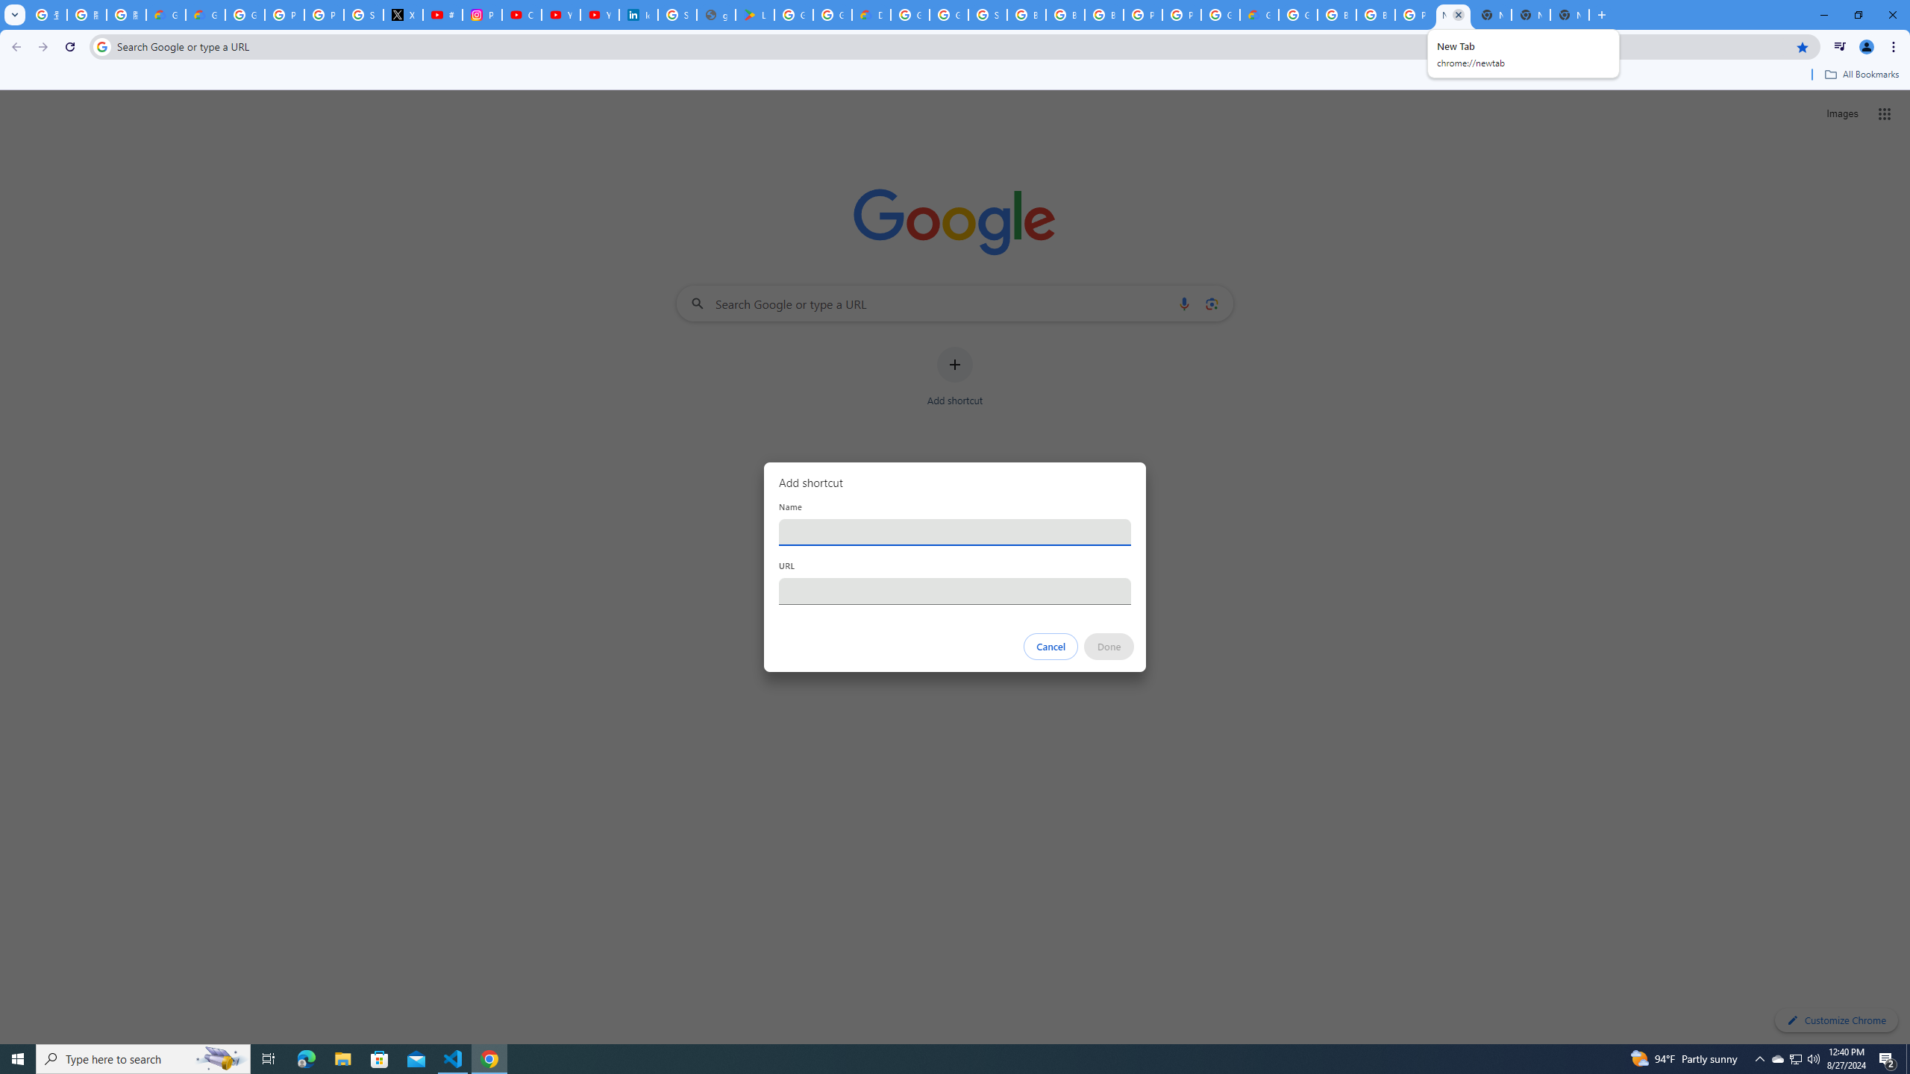 The height and width of the screenshot is (1074, 1910). I want to click on 'Control your music, videos, and more', so click(1840, 46).